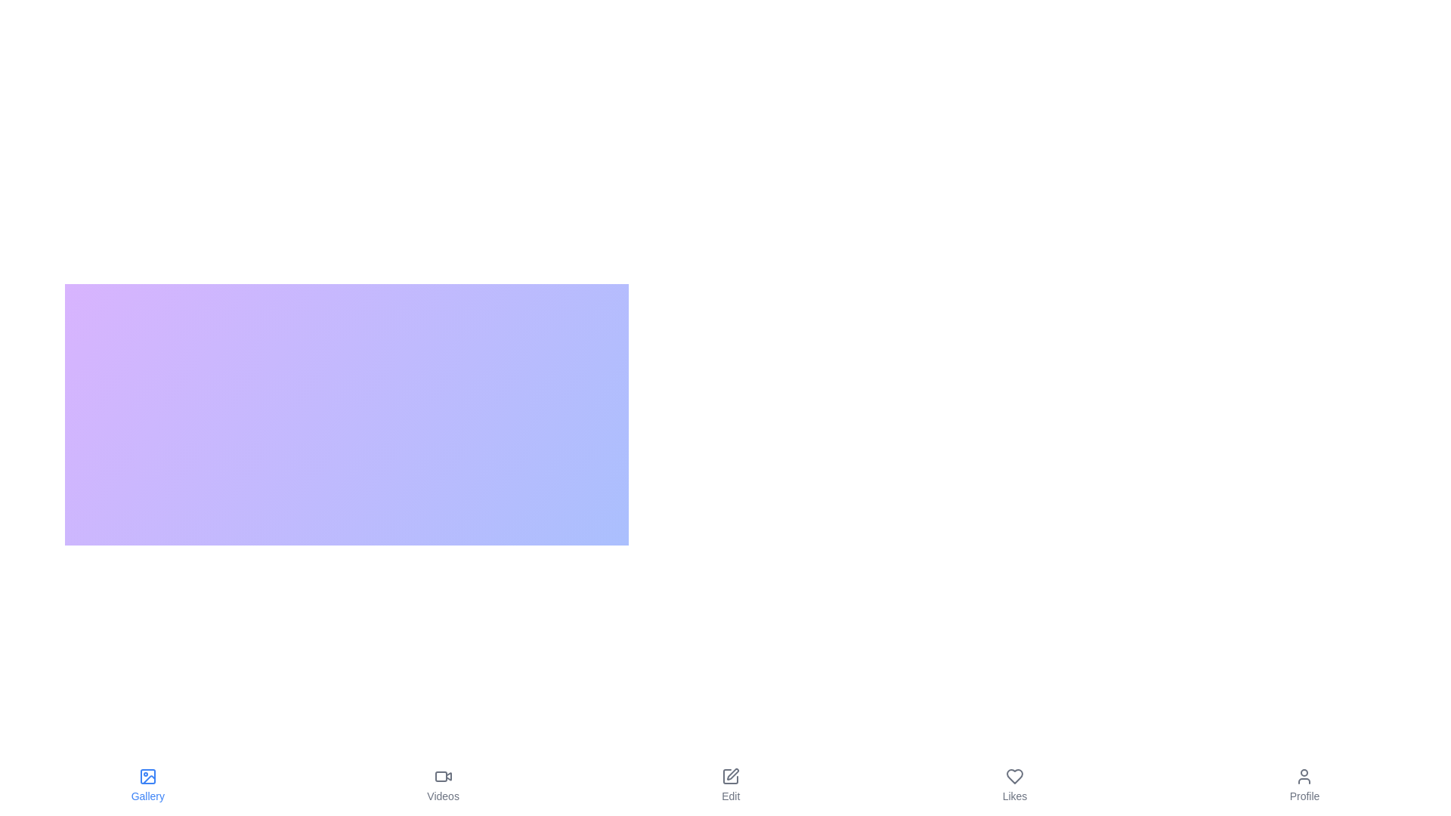  Describe the element at coordinates (1304, 785) in the screenshot. I see `the Profile button to switch to the corresponding view` at that location.